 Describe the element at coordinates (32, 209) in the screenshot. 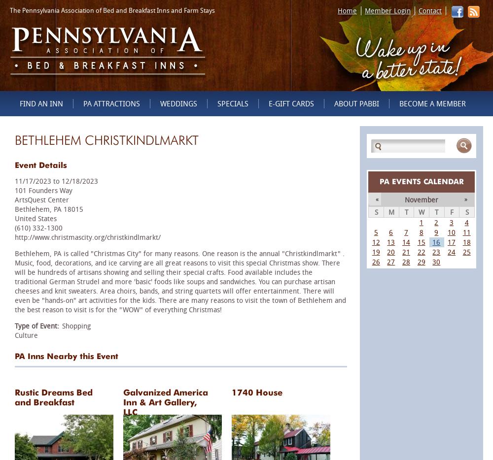

I see `'Bethlehem'` at that location.